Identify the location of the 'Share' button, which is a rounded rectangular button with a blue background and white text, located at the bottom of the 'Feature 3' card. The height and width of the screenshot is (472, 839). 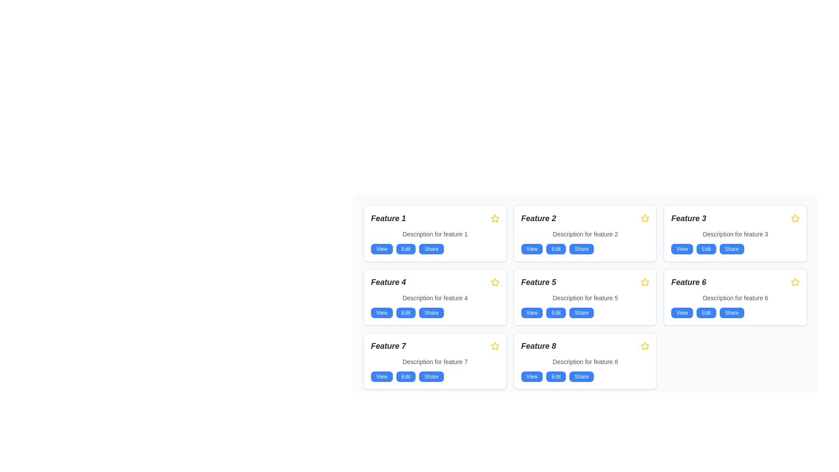
(732, 249).